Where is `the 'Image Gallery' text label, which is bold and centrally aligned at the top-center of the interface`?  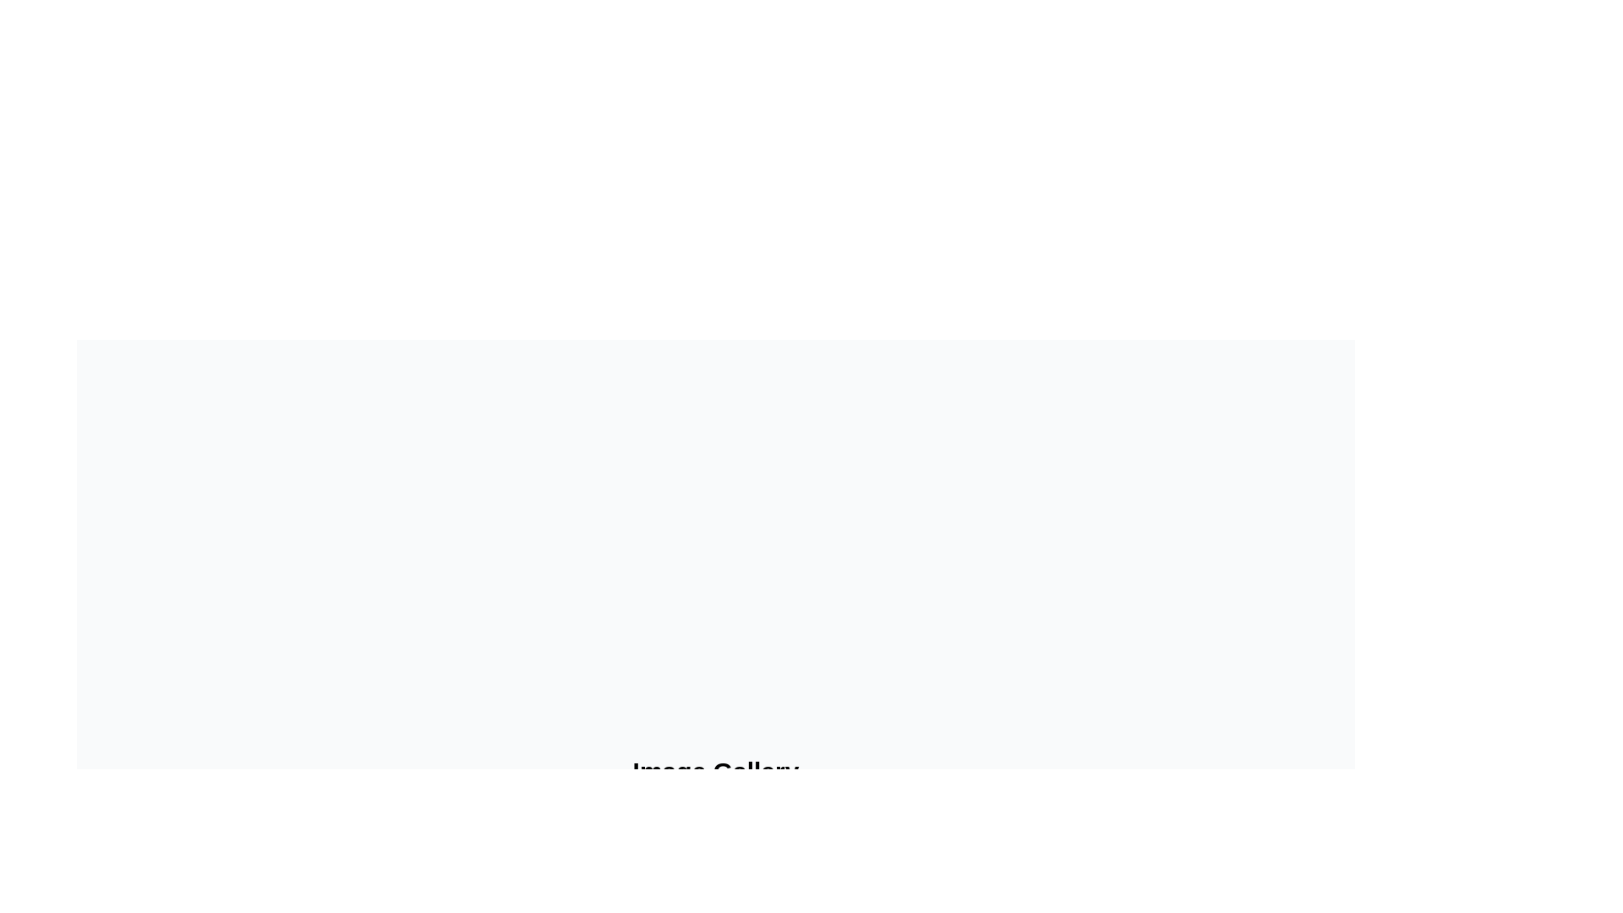 the 'Image Gallery' text label, which is bold and centrally aligned at the top-center of the interface is located at coordinates (715, 772).